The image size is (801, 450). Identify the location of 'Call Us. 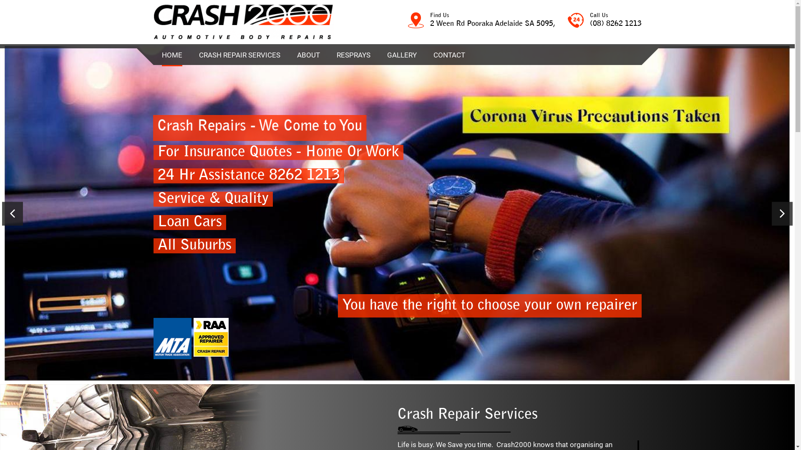
(604, 20).